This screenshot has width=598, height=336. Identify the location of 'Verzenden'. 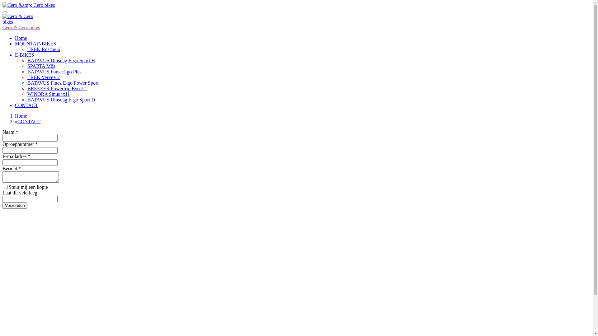
(15, 205).